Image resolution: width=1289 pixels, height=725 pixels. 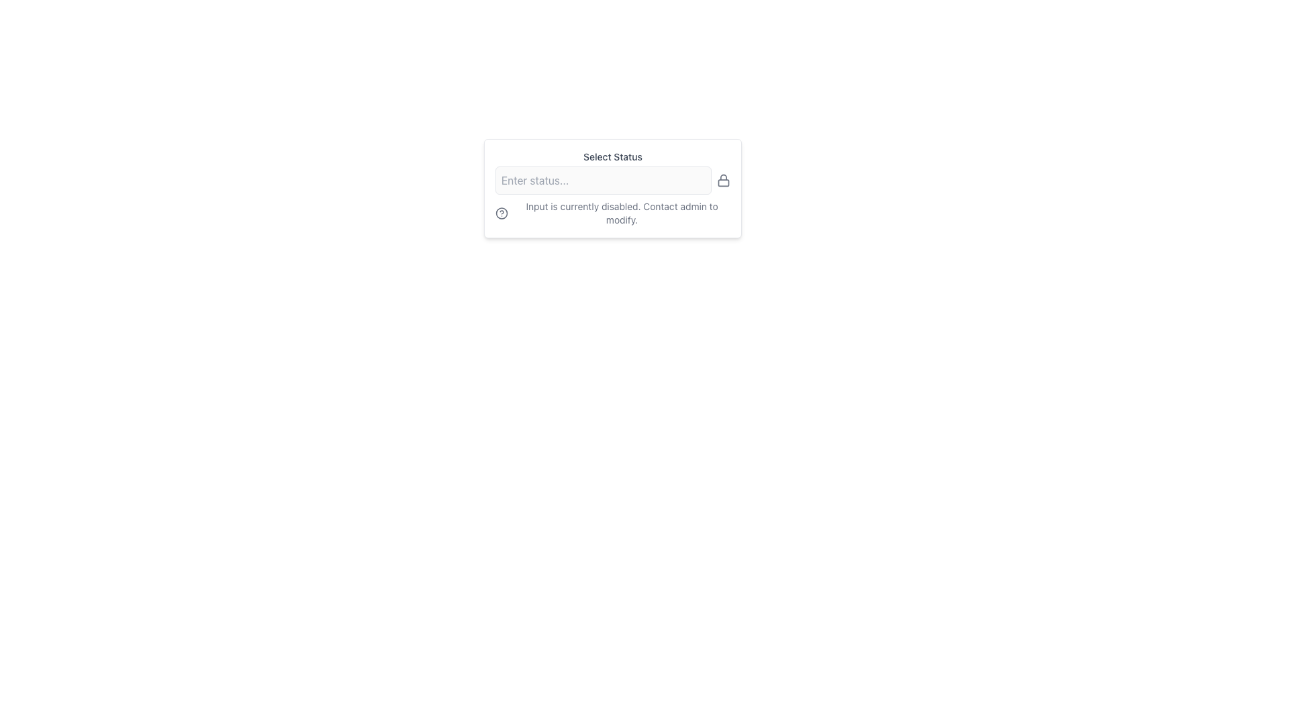 What do you see at coordinates (612, 180) in the screenshot?
I see `lock icon located to the right of the disabled text input field within the horizontal group in the card titled 'Select Status'` at bounding box center [612, 180].